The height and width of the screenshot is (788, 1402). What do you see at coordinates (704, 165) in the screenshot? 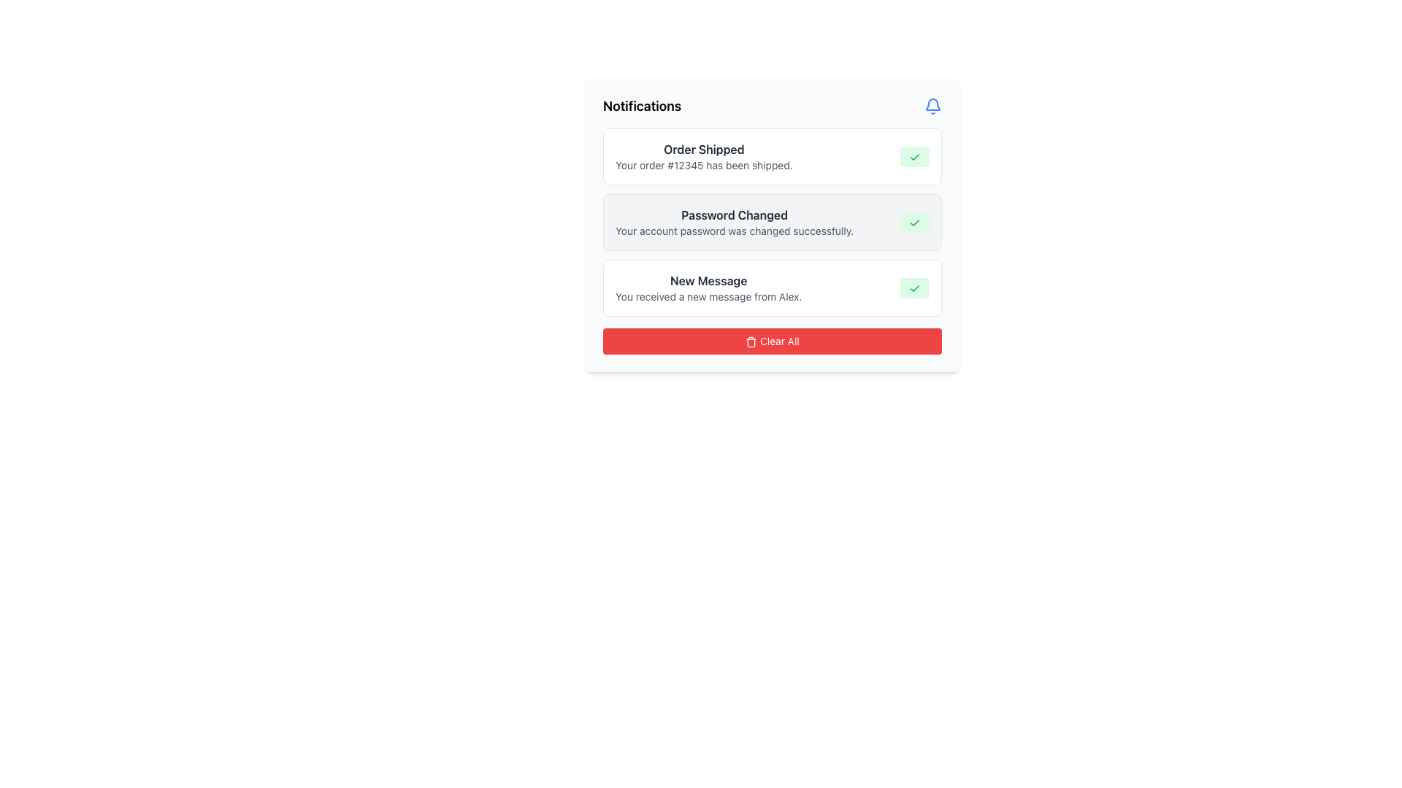
I see `the text that informs the user about the shipping status of the order, located immediately below the bold text 'Order Shipped' in the first notification card` at bounding box center [704, 165].